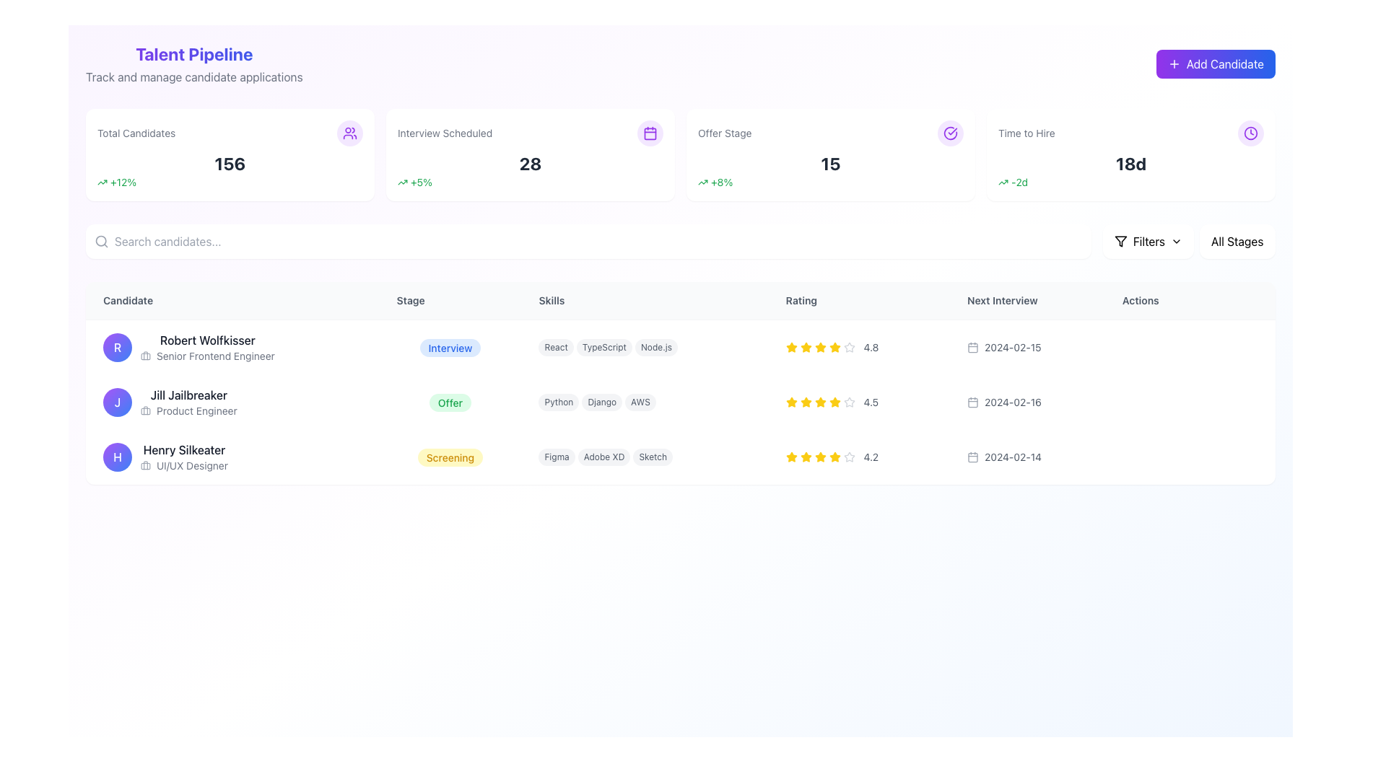  I want to click on numeric rating value displayed in the Text label for the candidate 'Jill Jailbreaker', located under the 'Rating' column adjacent to the star representation, so click(859, 402).